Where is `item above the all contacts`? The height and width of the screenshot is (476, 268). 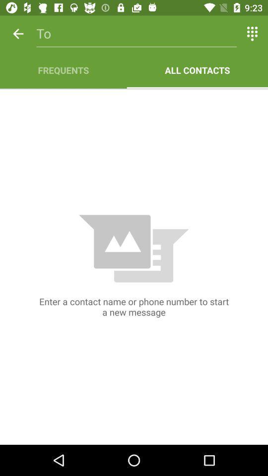
item above the all contacts is located at coordinates (252, 34).